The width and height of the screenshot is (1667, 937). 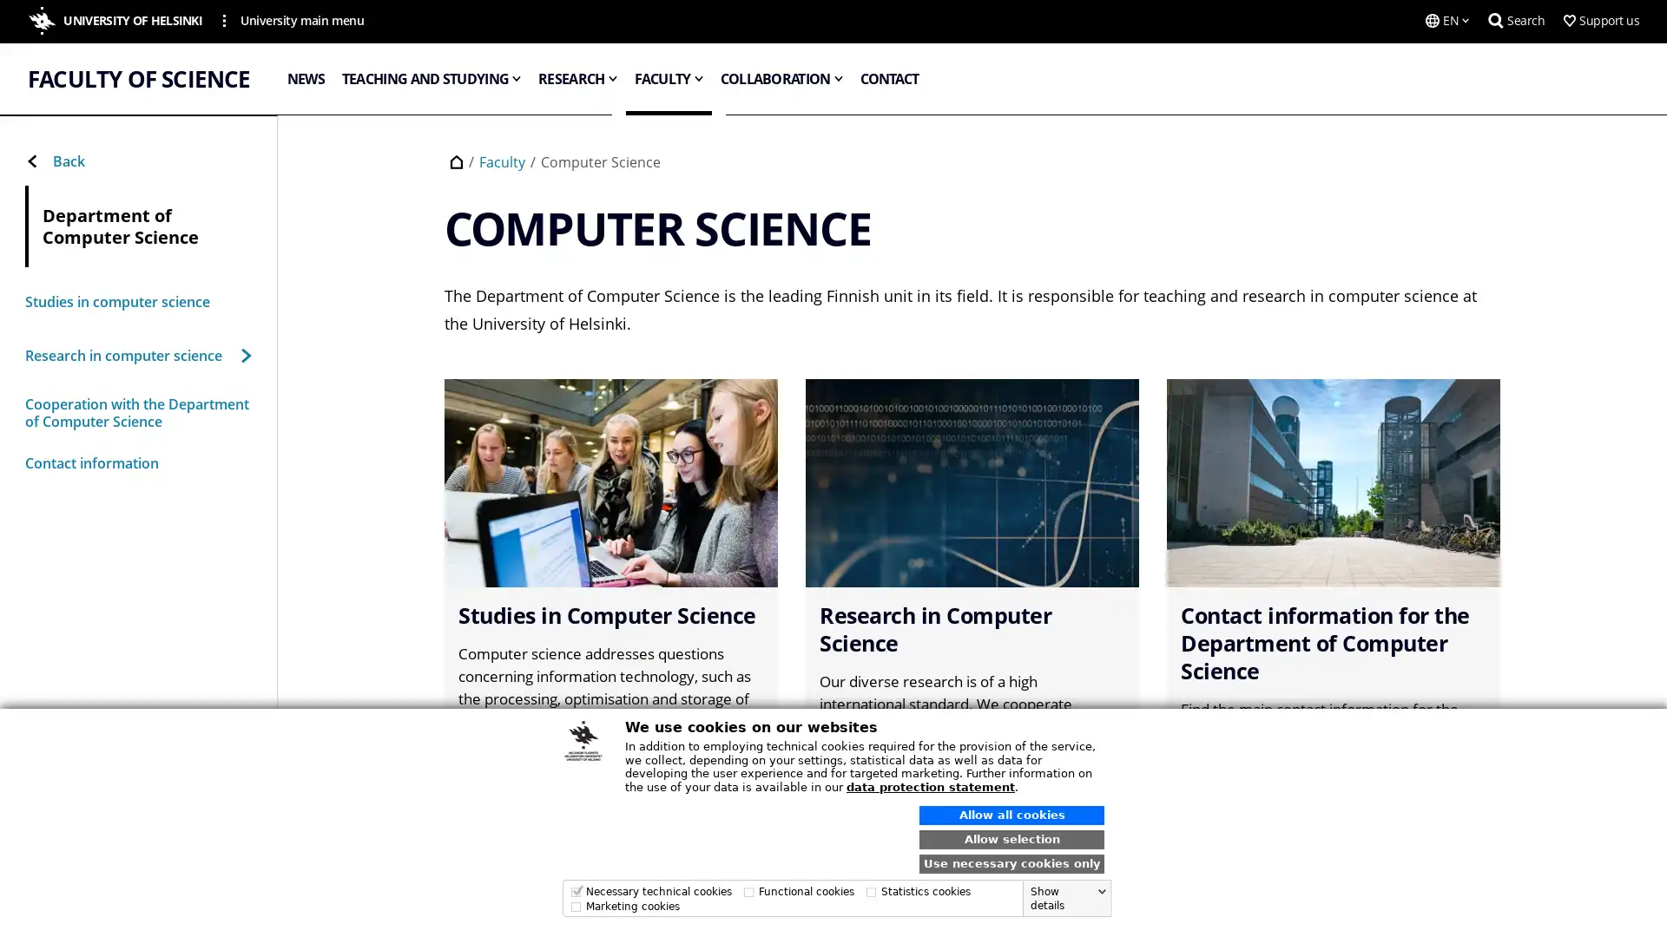 What do you see at coordinates (780, 79) in the screenshot?
I see `COLLABORATION` at bounding box center [780, 79].